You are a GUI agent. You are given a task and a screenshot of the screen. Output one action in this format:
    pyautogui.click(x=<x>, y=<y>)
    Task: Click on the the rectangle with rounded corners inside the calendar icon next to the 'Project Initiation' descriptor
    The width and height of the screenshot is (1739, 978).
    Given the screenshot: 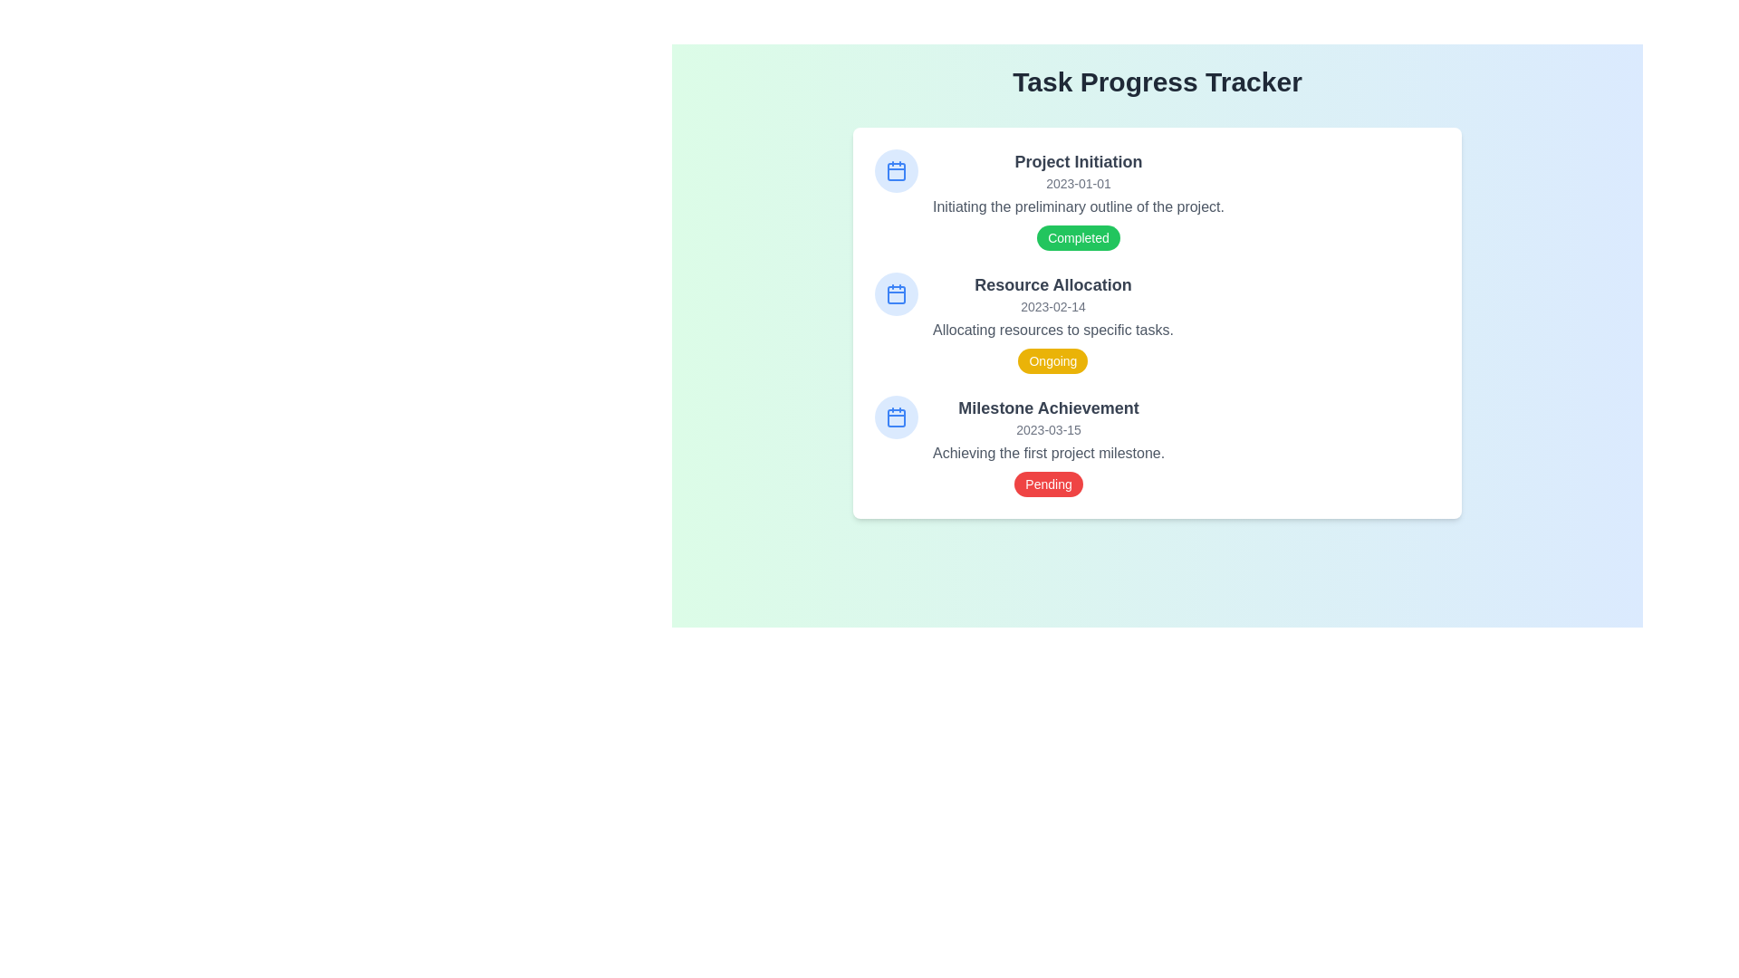 What is the action you would take?
    pyautogui.click(x=896, y=171)
    